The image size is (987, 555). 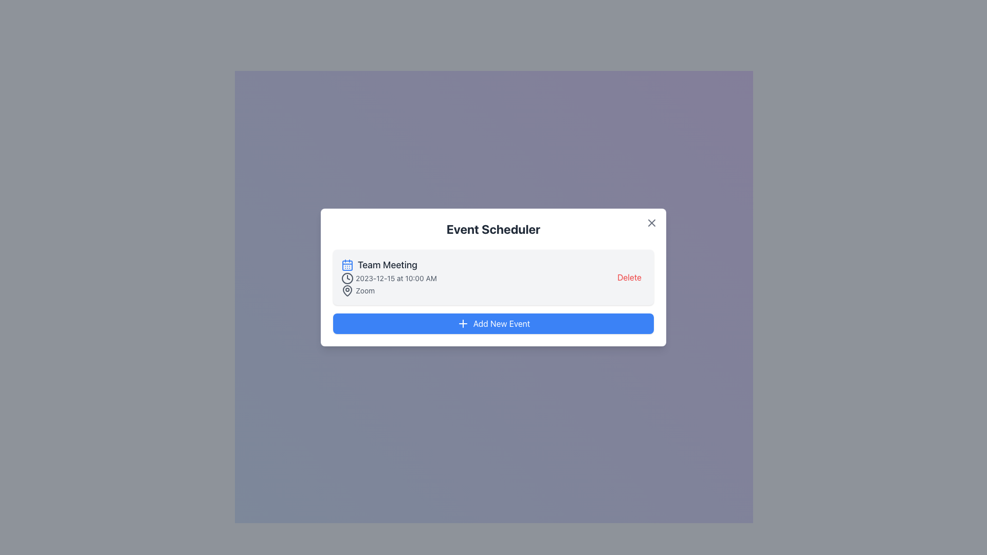 I want to click on the Zoom icon located to the left of the text 'Zoom' in the event description for 'Team Meeting', so click(x=348, y=291).